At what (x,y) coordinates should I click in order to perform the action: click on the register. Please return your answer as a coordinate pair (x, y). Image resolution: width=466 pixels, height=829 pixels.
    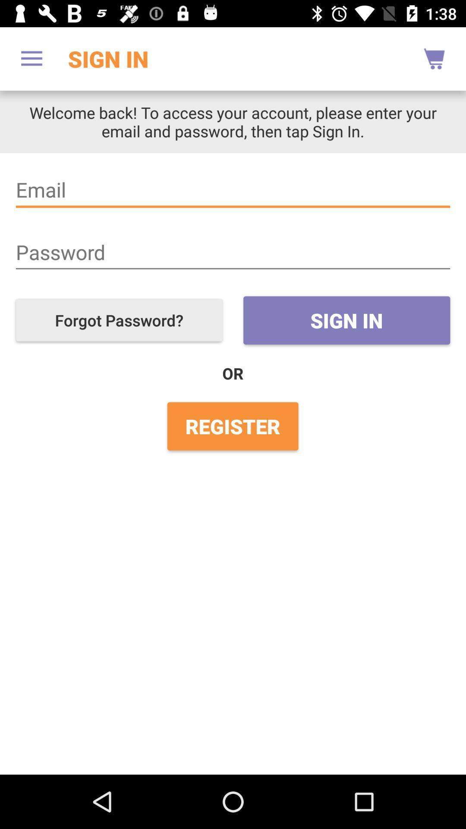
    Looking at the image, I should click on (232, 426).